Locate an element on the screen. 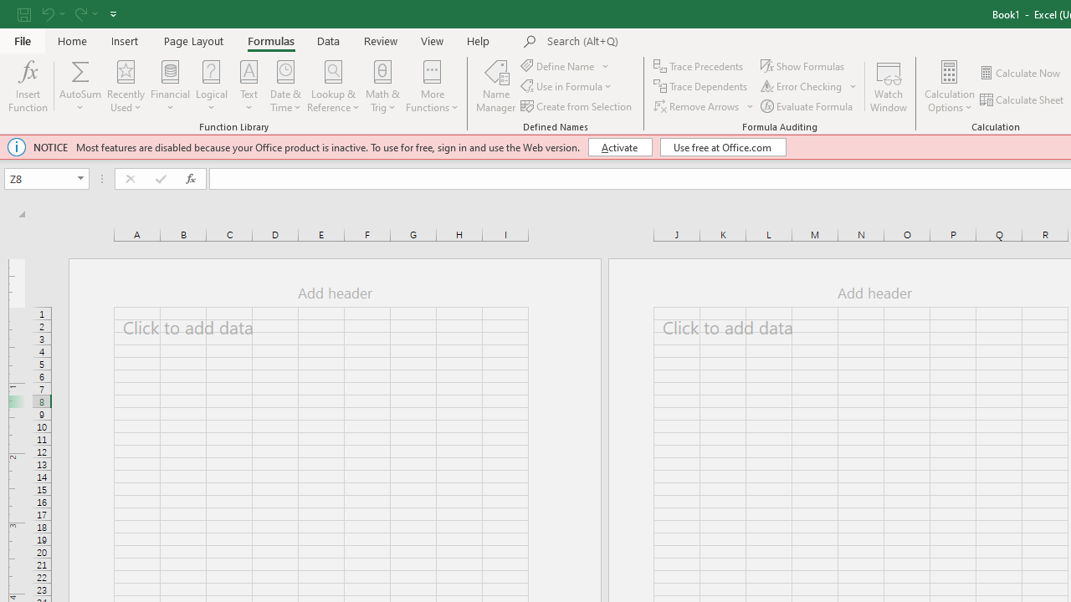 The width and height of the screenshot is (1071, 602). 'Define Name...' is located at coordinates (559, 65).